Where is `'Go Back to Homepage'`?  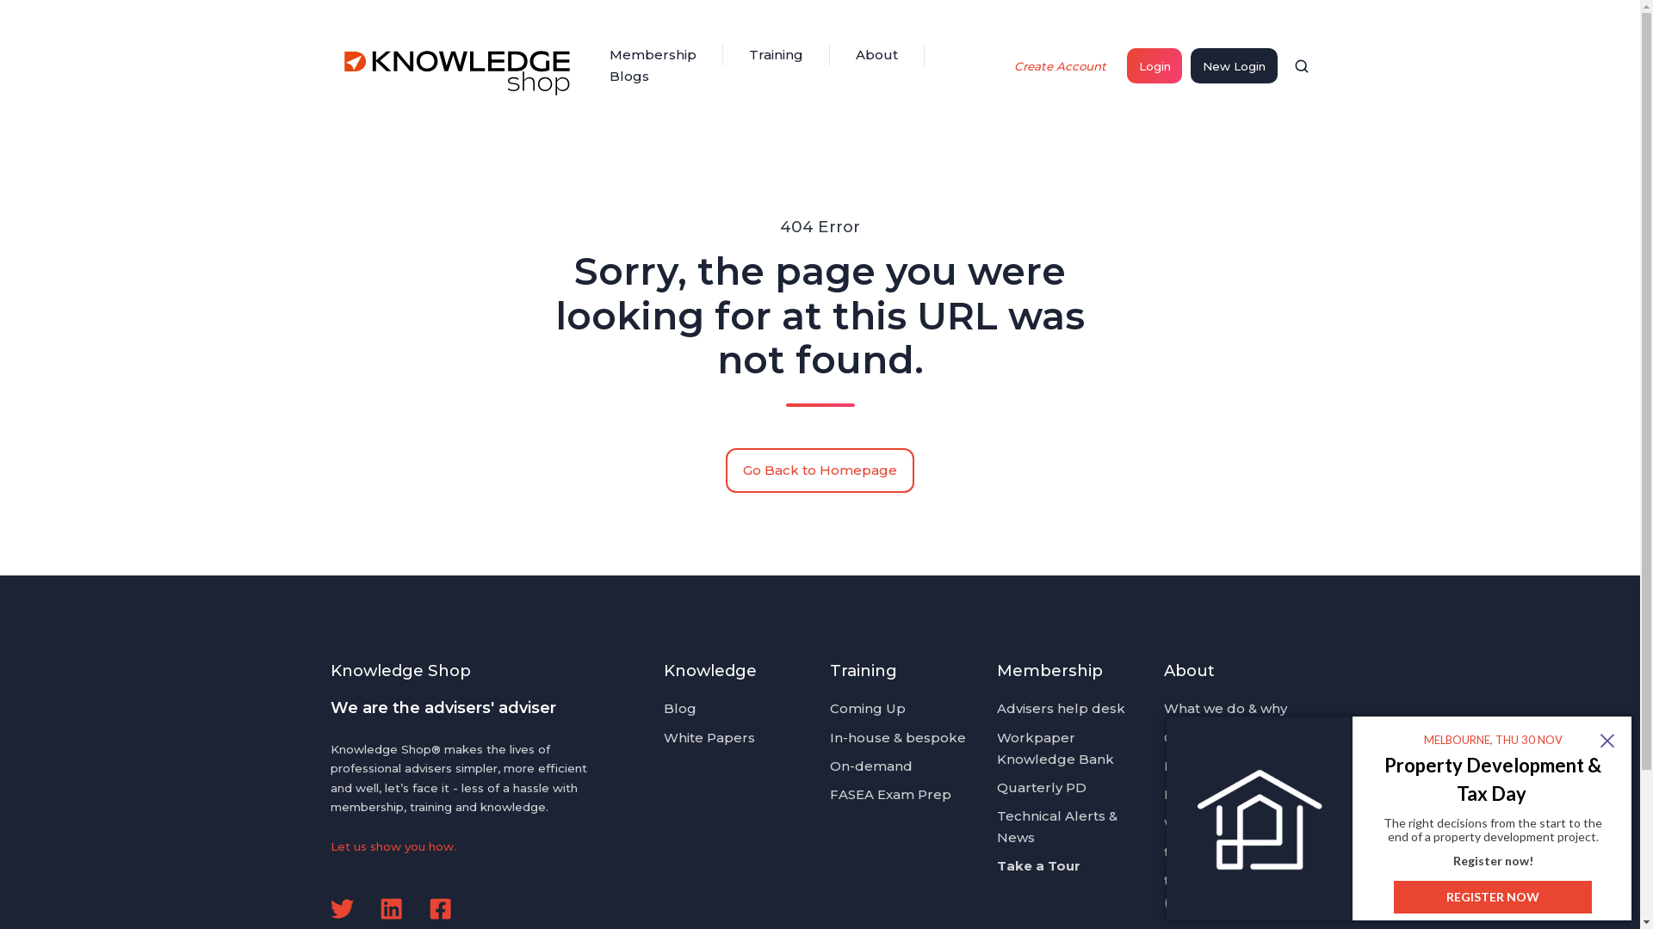 'Go Back to Homepage' is located at coordinates (820, 471).